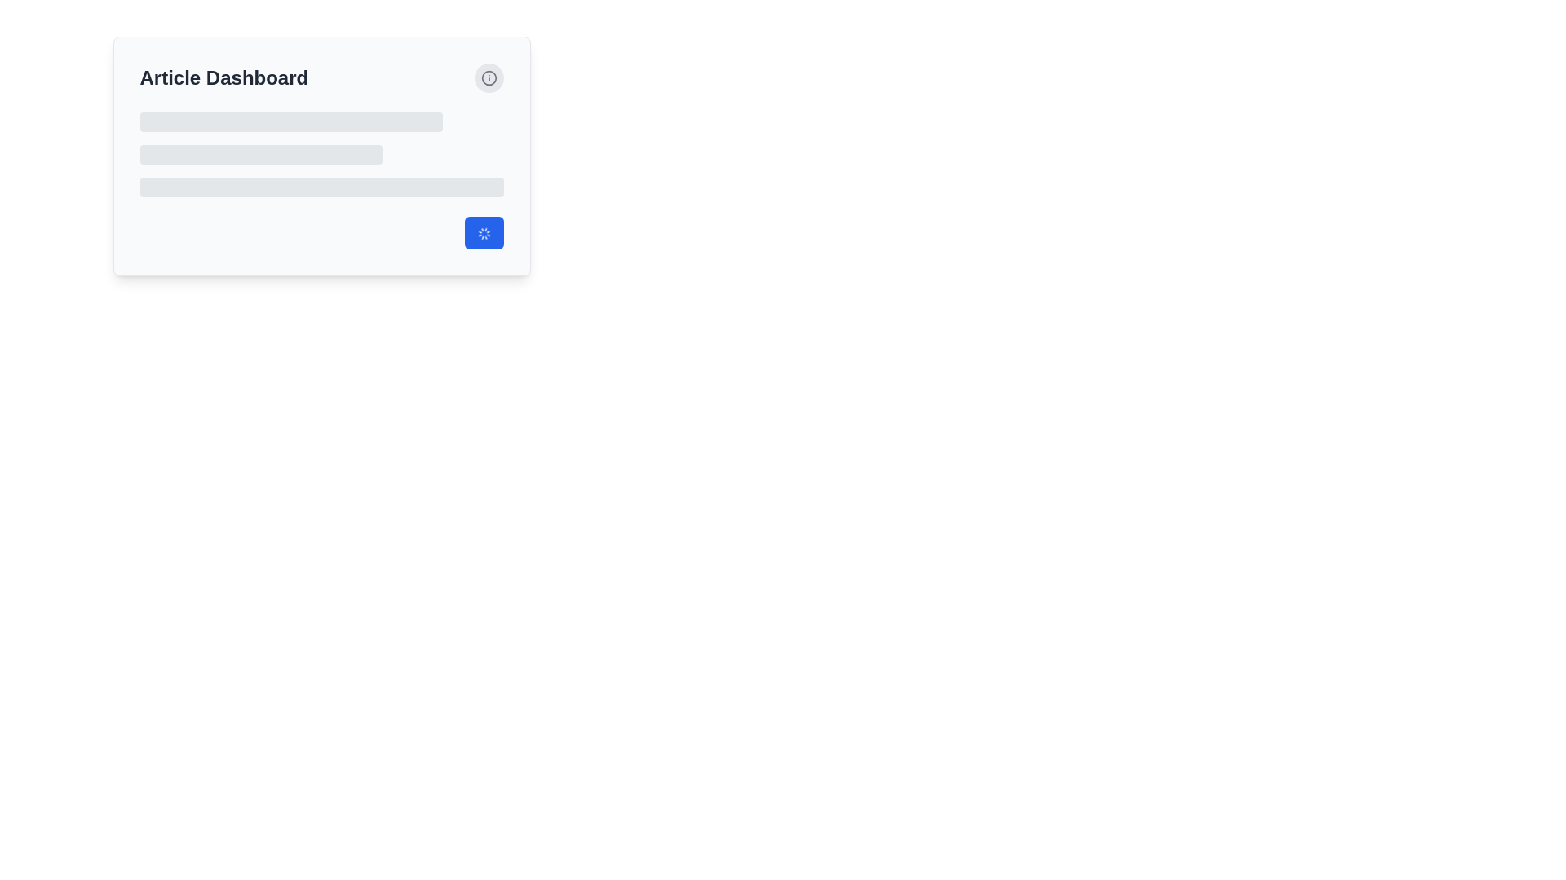  I want to click on the small blue button with a white animated spinning loader icon in the center, located at the bottom-right of the 'Article Dashboard' card layout, so click(483, 232).